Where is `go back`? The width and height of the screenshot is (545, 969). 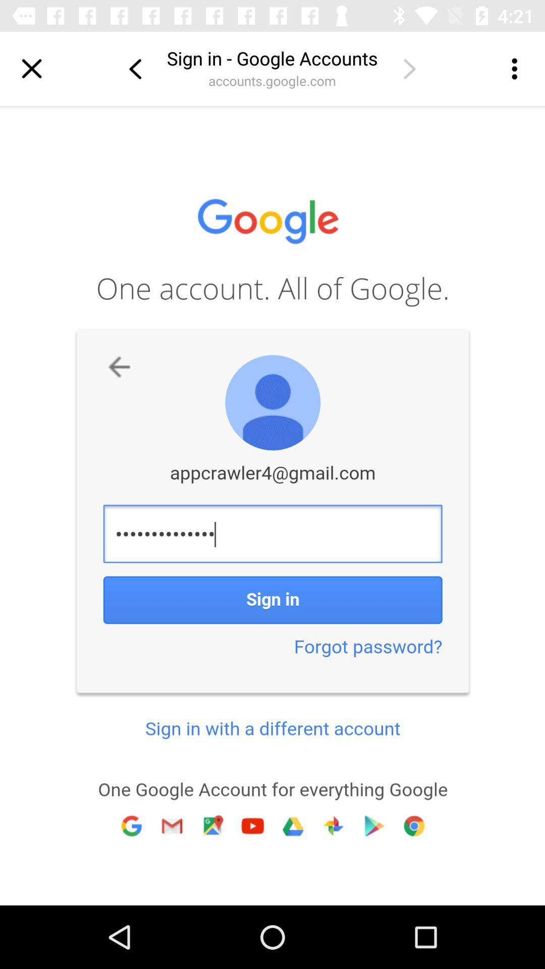
go back is located at coordinates (134, 68).